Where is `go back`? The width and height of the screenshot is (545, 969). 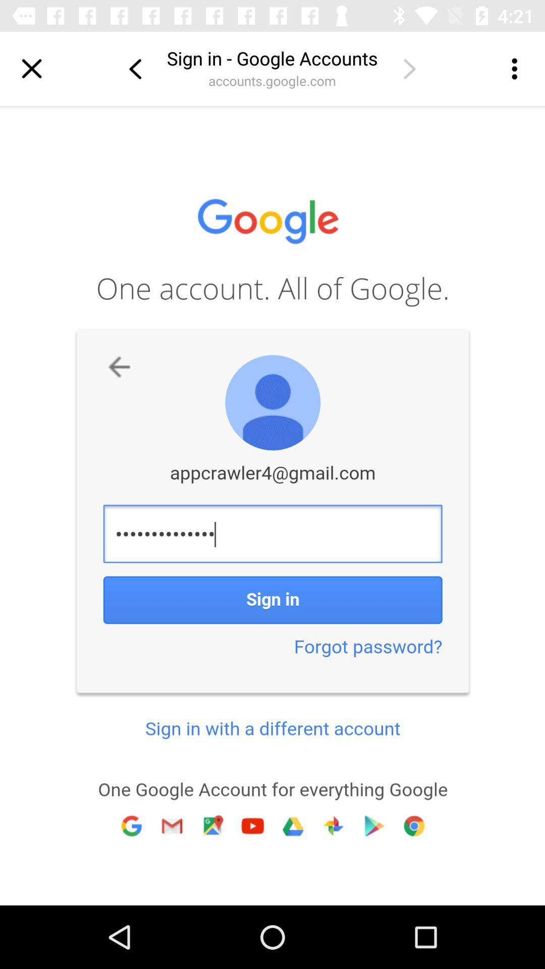
go back is located at coordinates (134, 68).